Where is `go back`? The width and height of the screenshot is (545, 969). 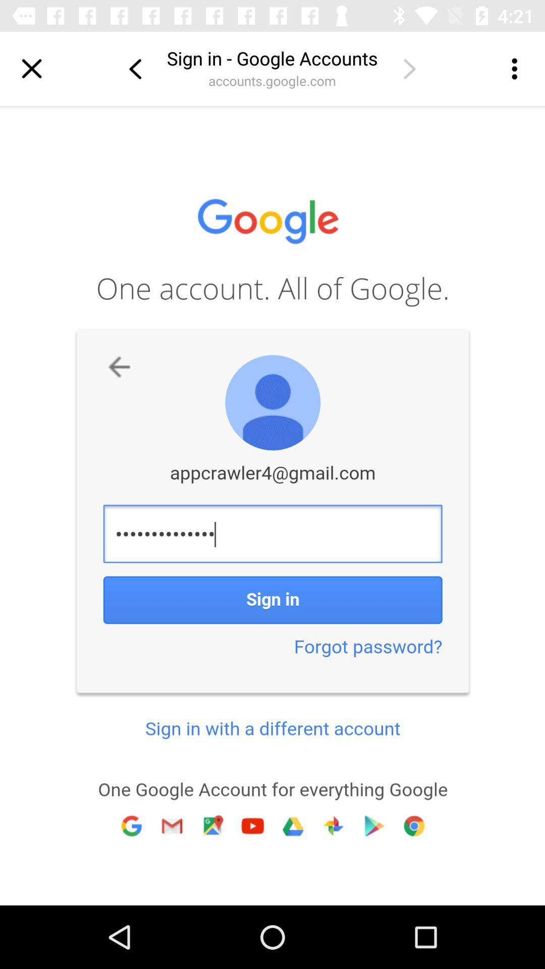
go back is located at coordinates (134, 68).